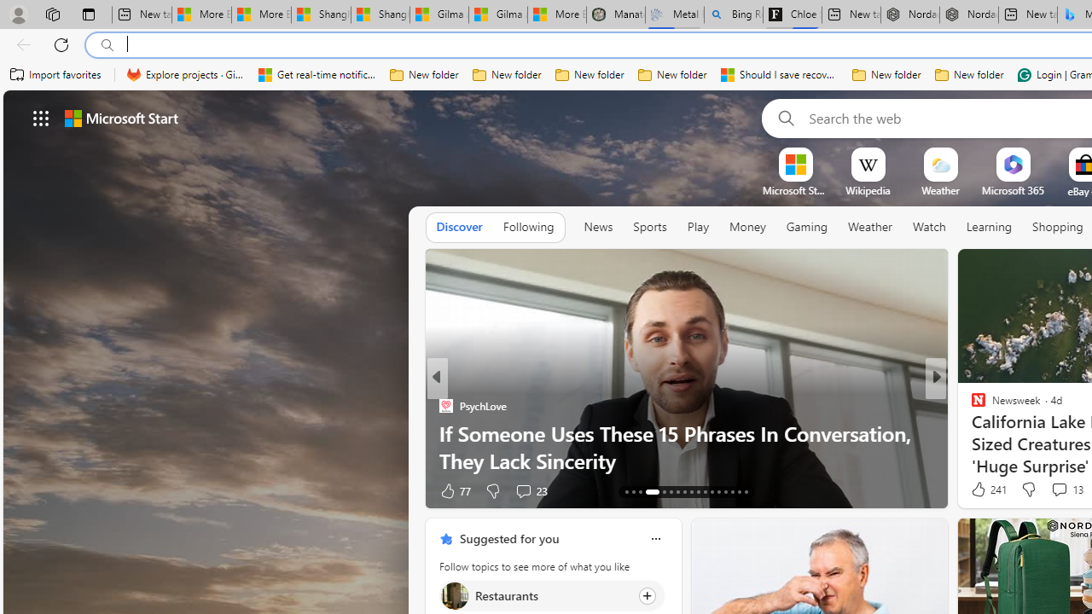  What do you see at coordinates (677, 492) in the screenshot?
I see `'AutomationID: tab-19'` at bounding box center [677, 492].